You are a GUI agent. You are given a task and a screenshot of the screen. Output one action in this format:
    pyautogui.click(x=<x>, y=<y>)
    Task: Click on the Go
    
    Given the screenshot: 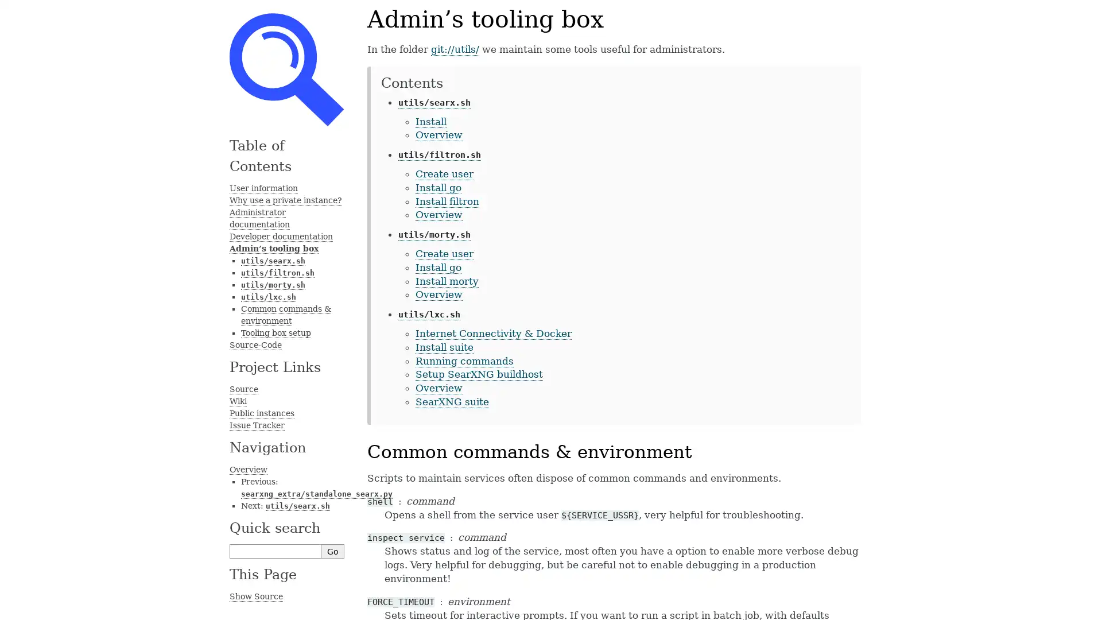 What is the action you would take?
    pyautogui.click(x=332, y=551)
    